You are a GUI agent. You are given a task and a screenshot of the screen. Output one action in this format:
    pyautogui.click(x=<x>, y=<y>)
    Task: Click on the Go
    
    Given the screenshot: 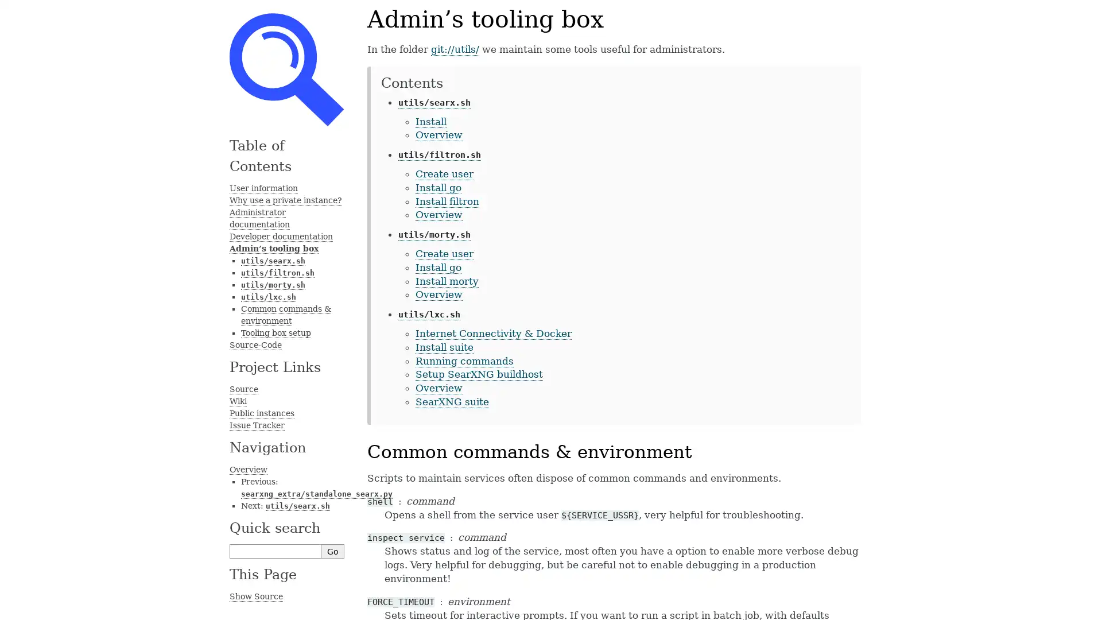 What is the action you would take?
    pyautogui.click(x=332, y=551)
    